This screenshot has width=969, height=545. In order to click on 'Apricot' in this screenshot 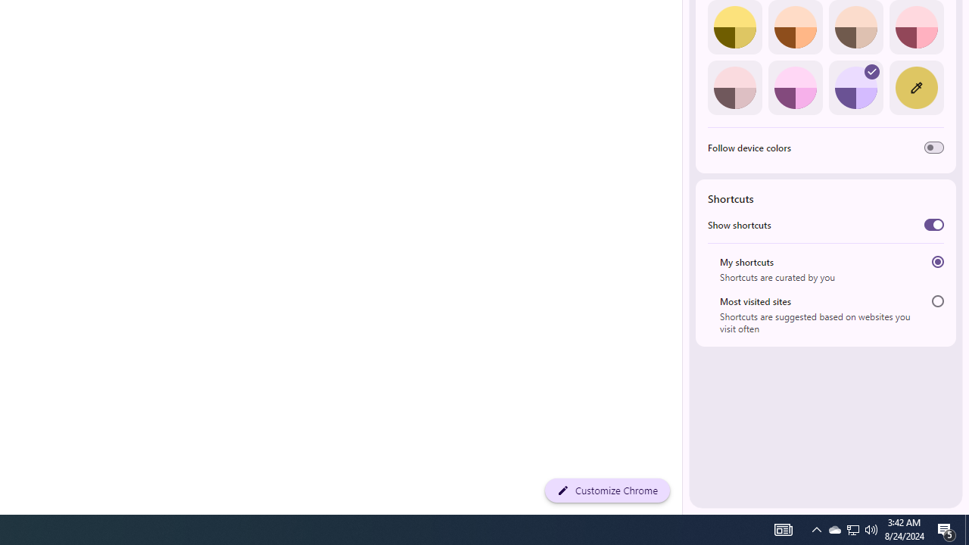, I will do `click(855, 27)`.